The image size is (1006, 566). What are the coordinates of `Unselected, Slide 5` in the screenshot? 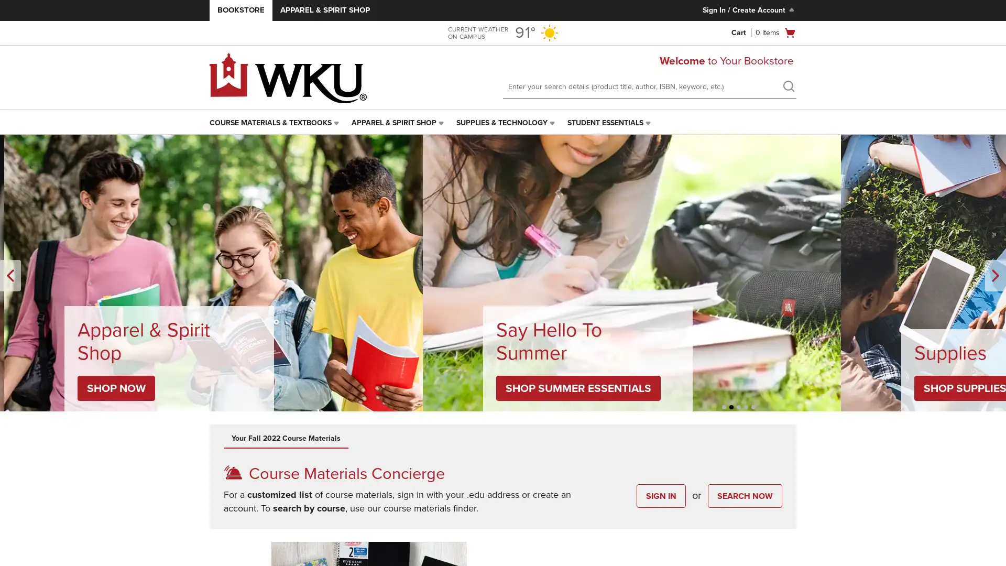 It's located at (753, 406).